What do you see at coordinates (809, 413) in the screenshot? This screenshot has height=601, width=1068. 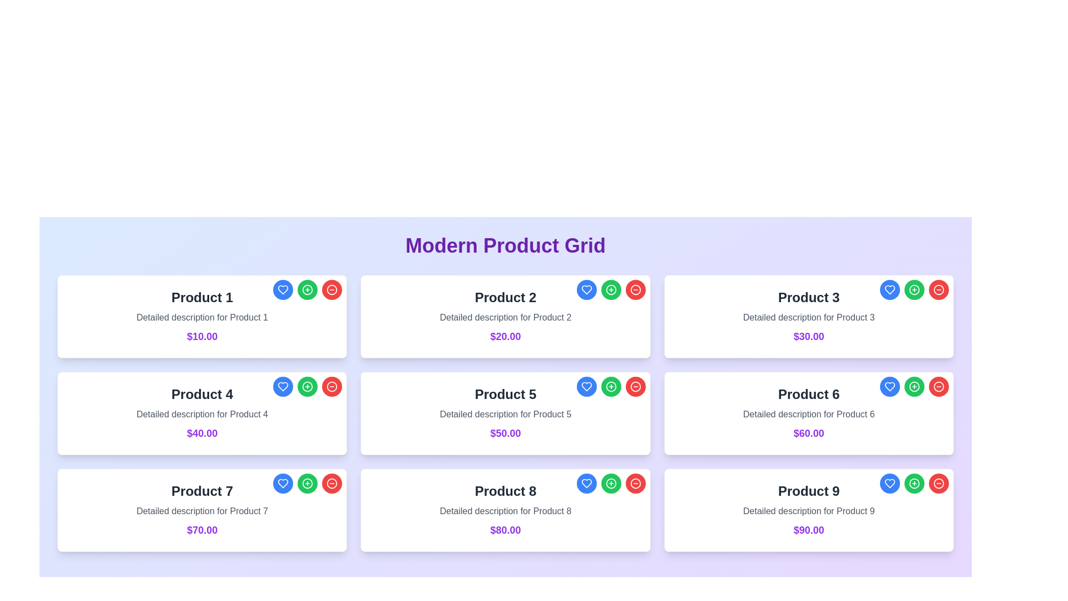 I see `the interactive icons located in the top-right corner of the 'Product 6' card, which features a bold heading and a price in a large purple font` at bounding box center [809, 413].